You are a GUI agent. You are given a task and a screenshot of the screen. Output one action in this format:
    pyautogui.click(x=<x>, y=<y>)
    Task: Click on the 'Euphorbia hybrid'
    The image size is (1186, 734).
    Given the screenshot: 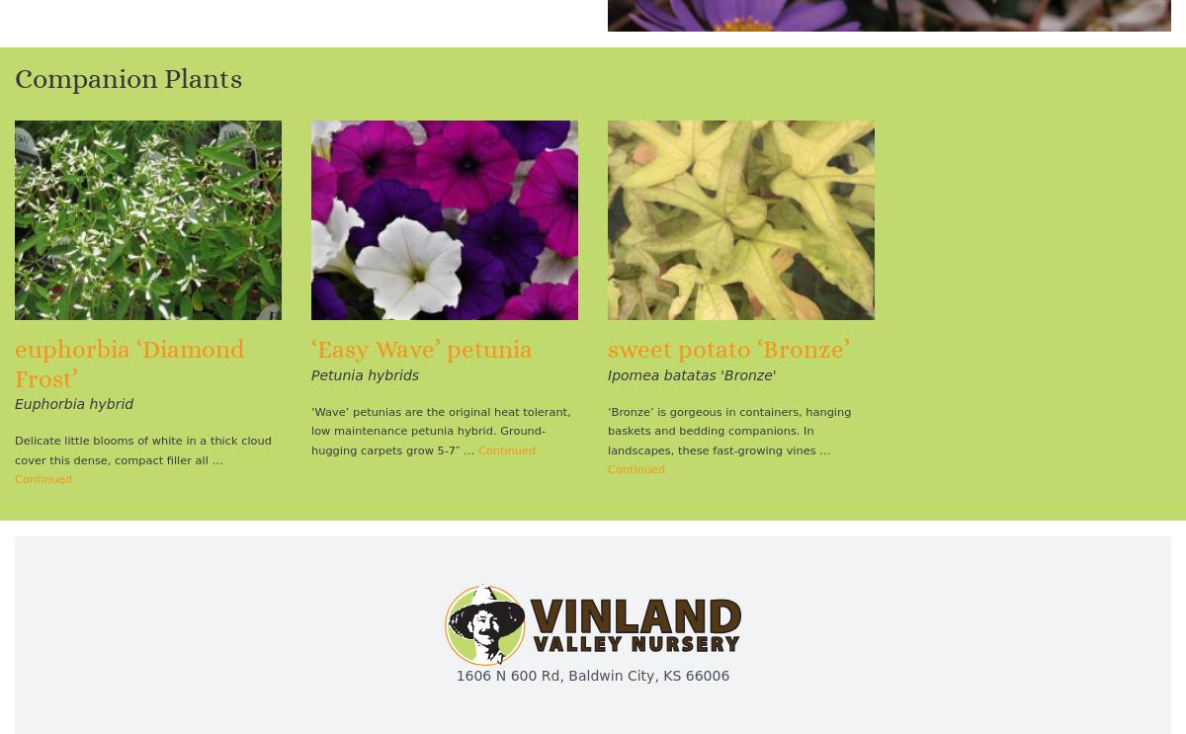 What is the action you would take?
    pyautogui.click(x=15, y=404)
    